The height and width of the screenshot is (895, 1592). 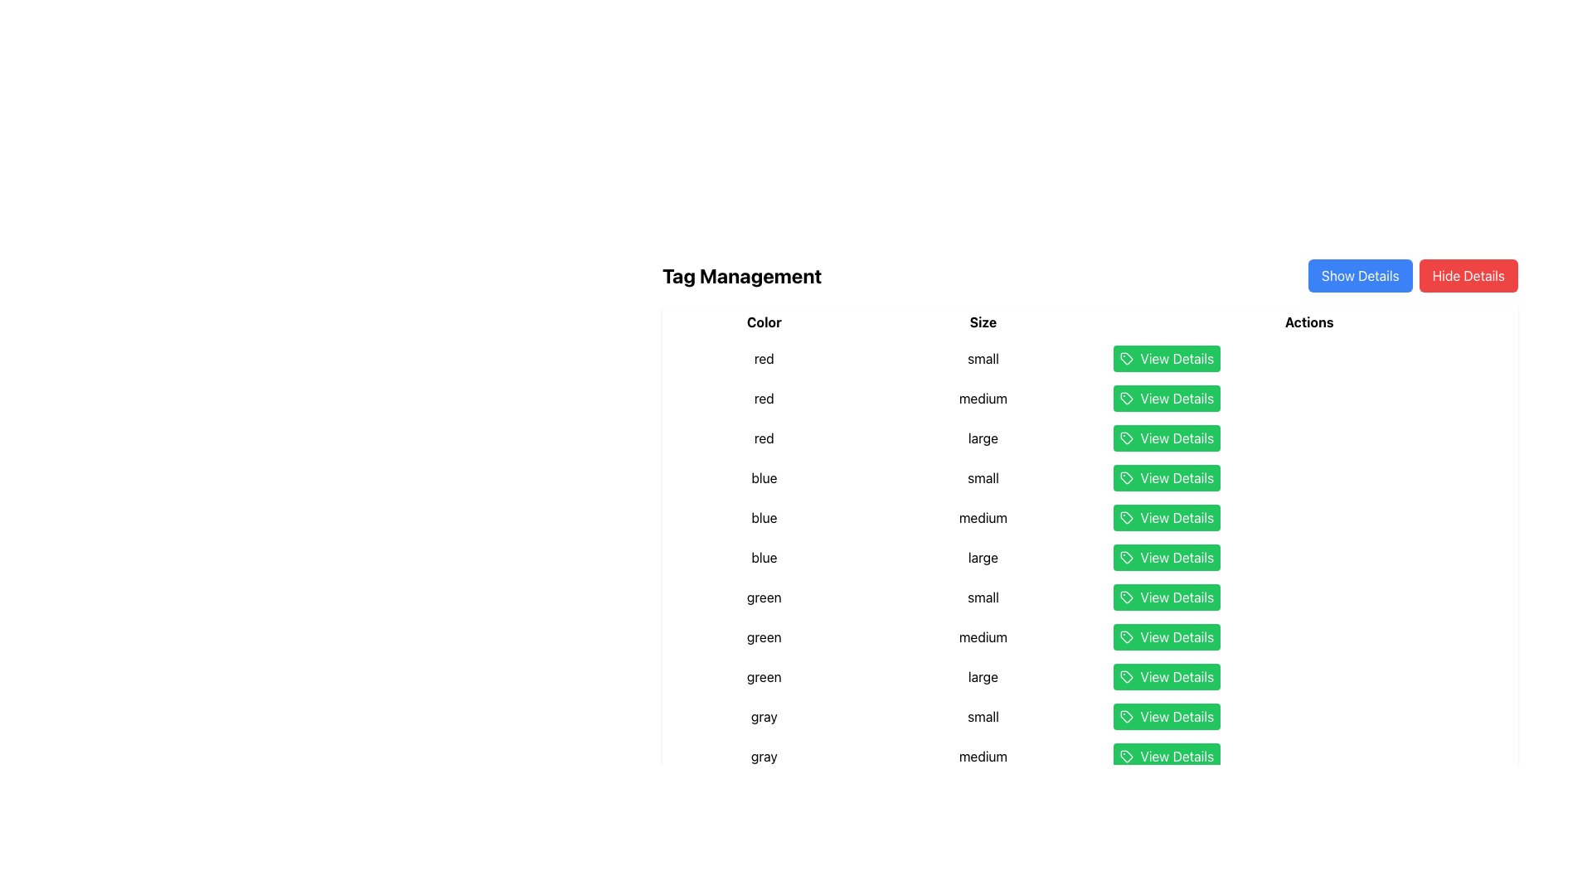 What do you see at coordinates (1090, 715) in the screenshot?
I see `the 'View Details' button in the 10th row of the table, which displays 'gray small View Details' in black on a white background` at bounding box center [1090, 715].